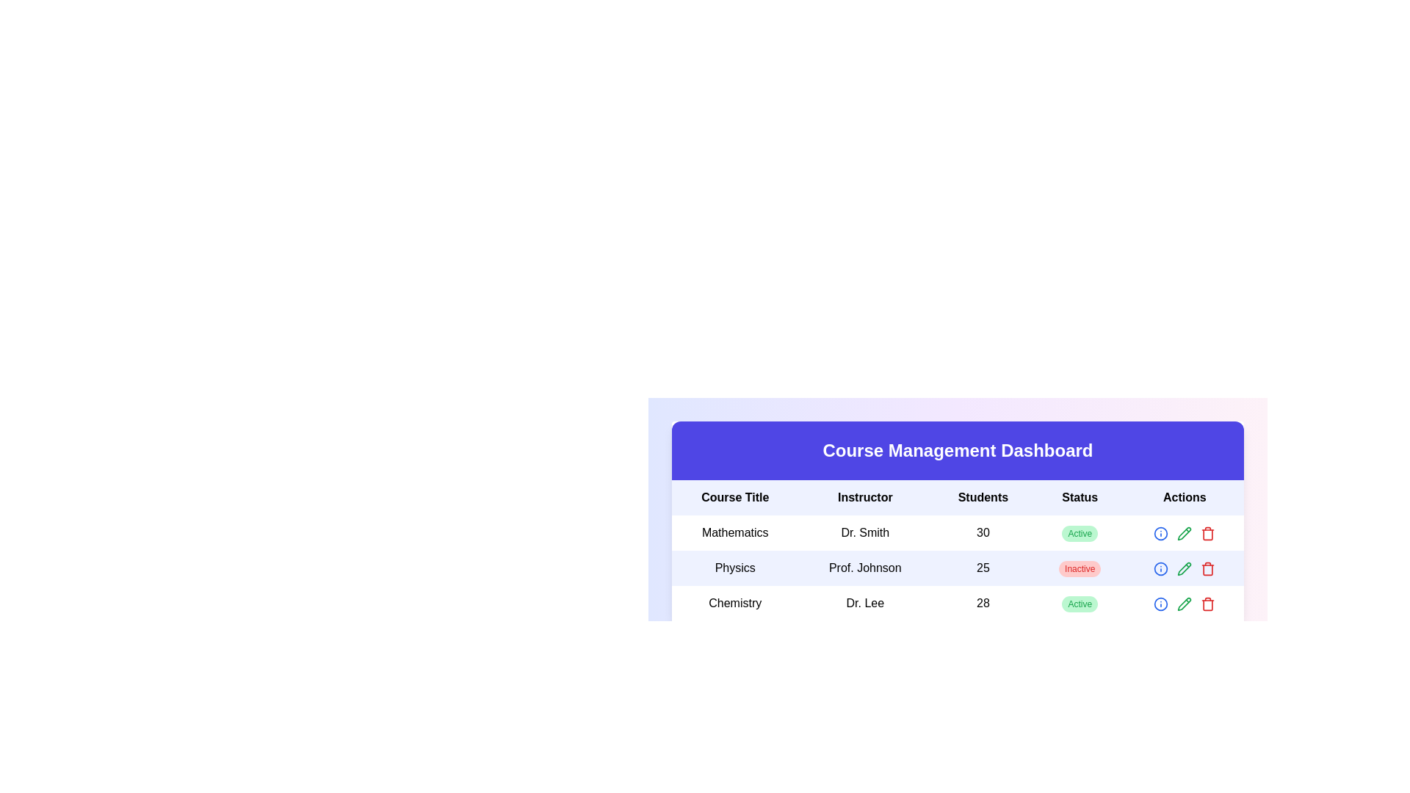 This screenshot has width=1410, height=793. What do you see at coordinates (1185, 568) in the screenshot?
I see `the edit icon in the 'Actions' column for the 'Physics' course to initiate editing` at bounding box center [1185, 568].